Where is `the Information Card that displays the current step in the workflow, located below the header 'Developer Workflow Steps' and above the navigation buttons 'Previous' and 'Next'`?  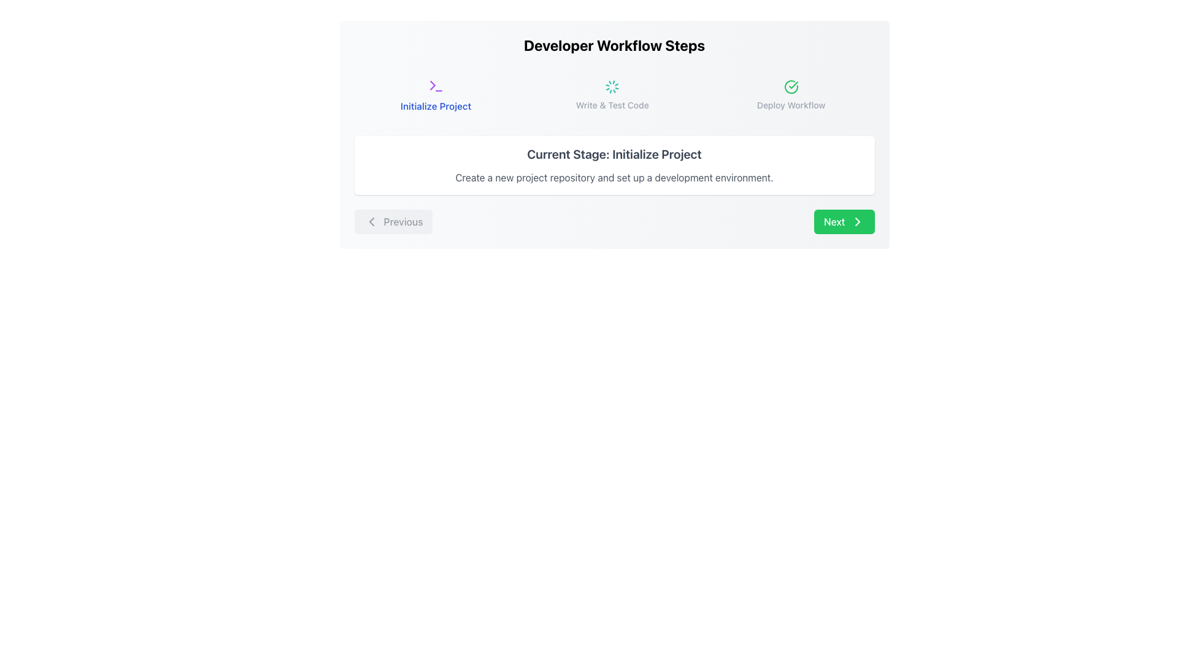
the Information Card that displays the current step in the workflow, located below the header 'Developer Workflow Steps' and above the navigation buttons 'Previous' and 'Next' is located at coordinates (614, 165).